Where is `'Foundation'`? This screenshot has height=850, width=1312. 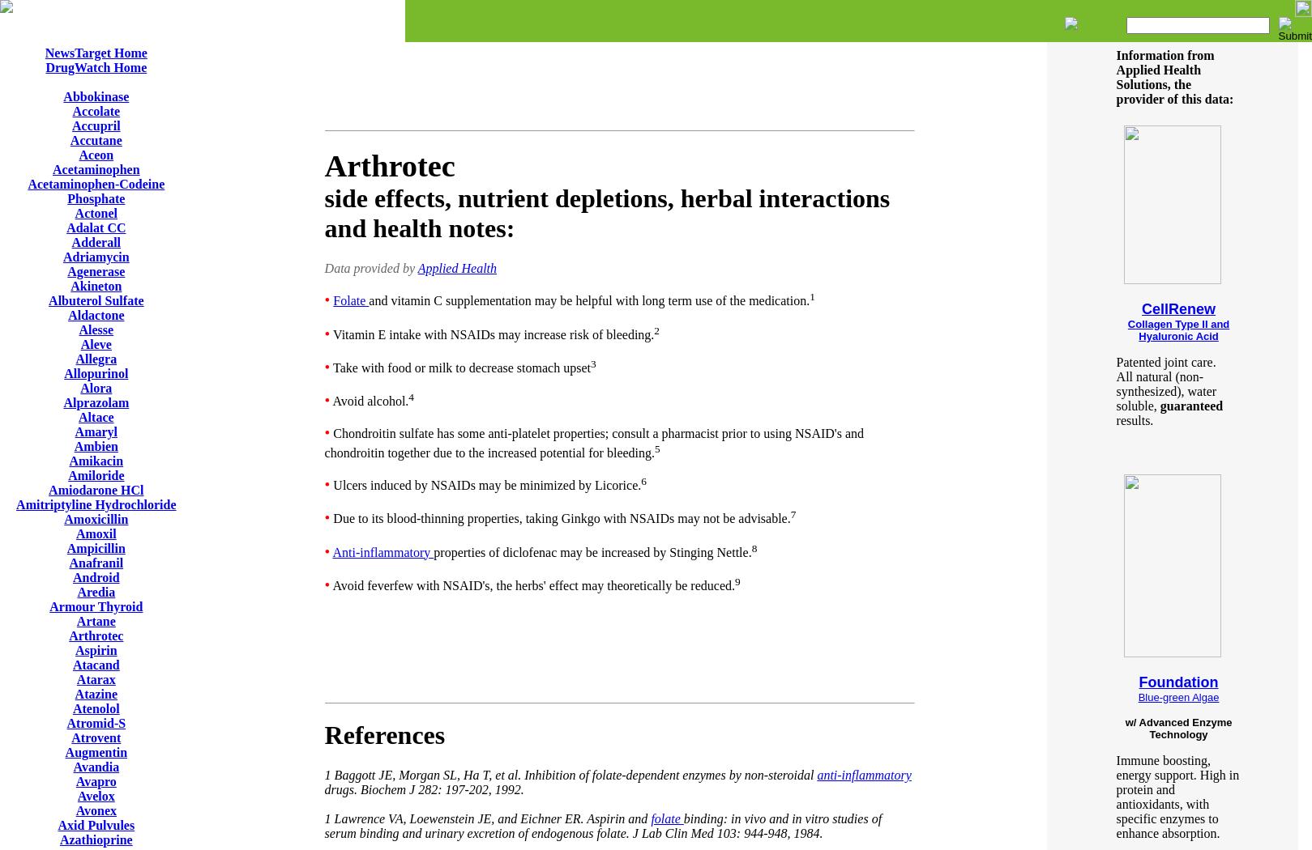 'Foundation' is located at coordinates (1138, 682).